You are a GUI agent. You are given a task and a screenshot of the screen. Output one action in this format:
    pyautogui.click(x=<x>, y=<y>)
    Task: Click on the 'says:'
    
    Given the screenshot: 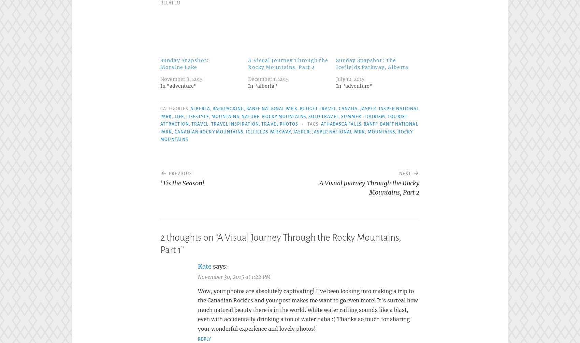 What is the action you would take?
    pyautogui.click(x=220, y=265)
    